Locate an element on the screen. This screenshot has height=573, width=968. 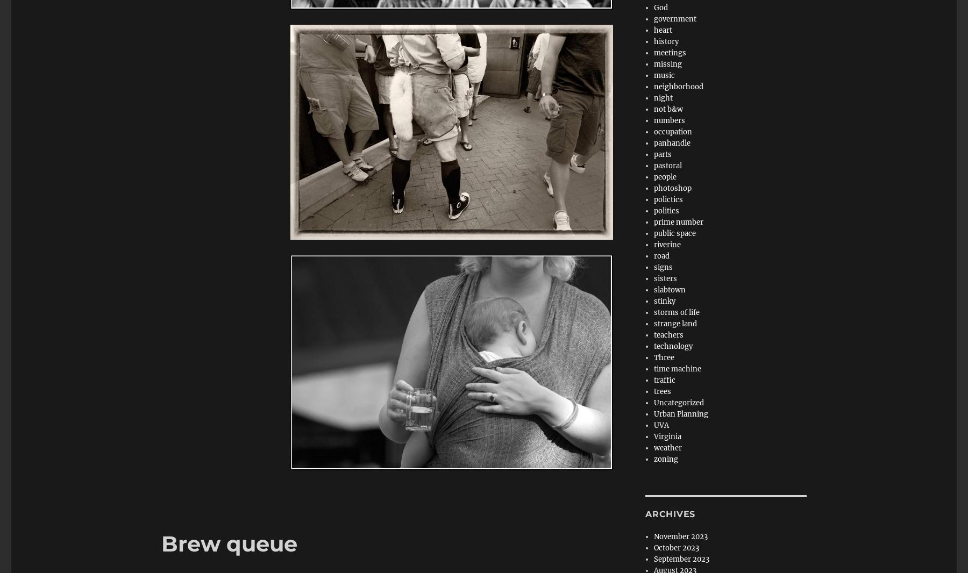
'occupation' is located at coordinates (653, 131).